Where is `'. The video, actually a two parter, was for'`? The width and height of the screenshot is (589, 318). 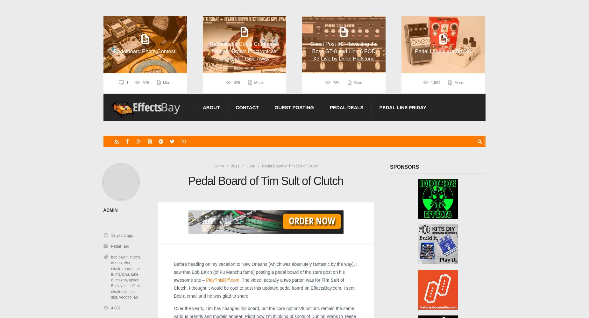
'. The video, actually a two parter, was for' is located at coordinates (280, 279).